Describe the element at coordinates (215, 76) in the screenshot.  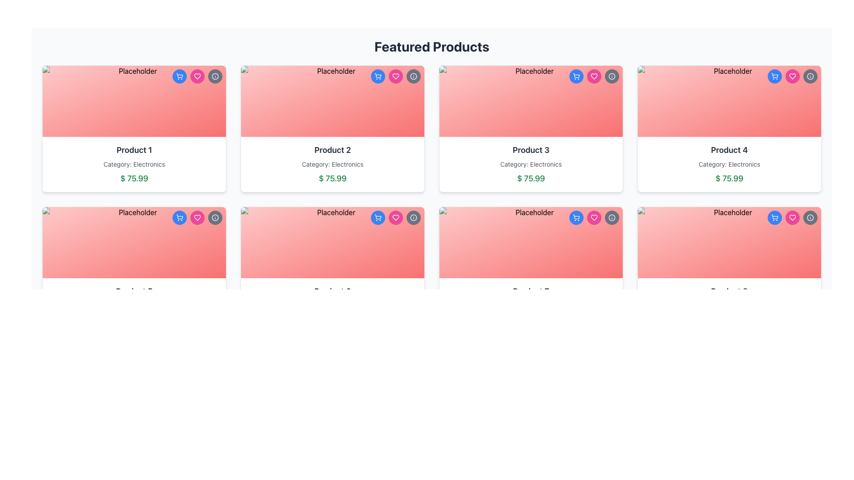
I see `the circular button with a gray background and white border containing an information symbol, located at the top-right corner of the 'Product 1' card` at that location.